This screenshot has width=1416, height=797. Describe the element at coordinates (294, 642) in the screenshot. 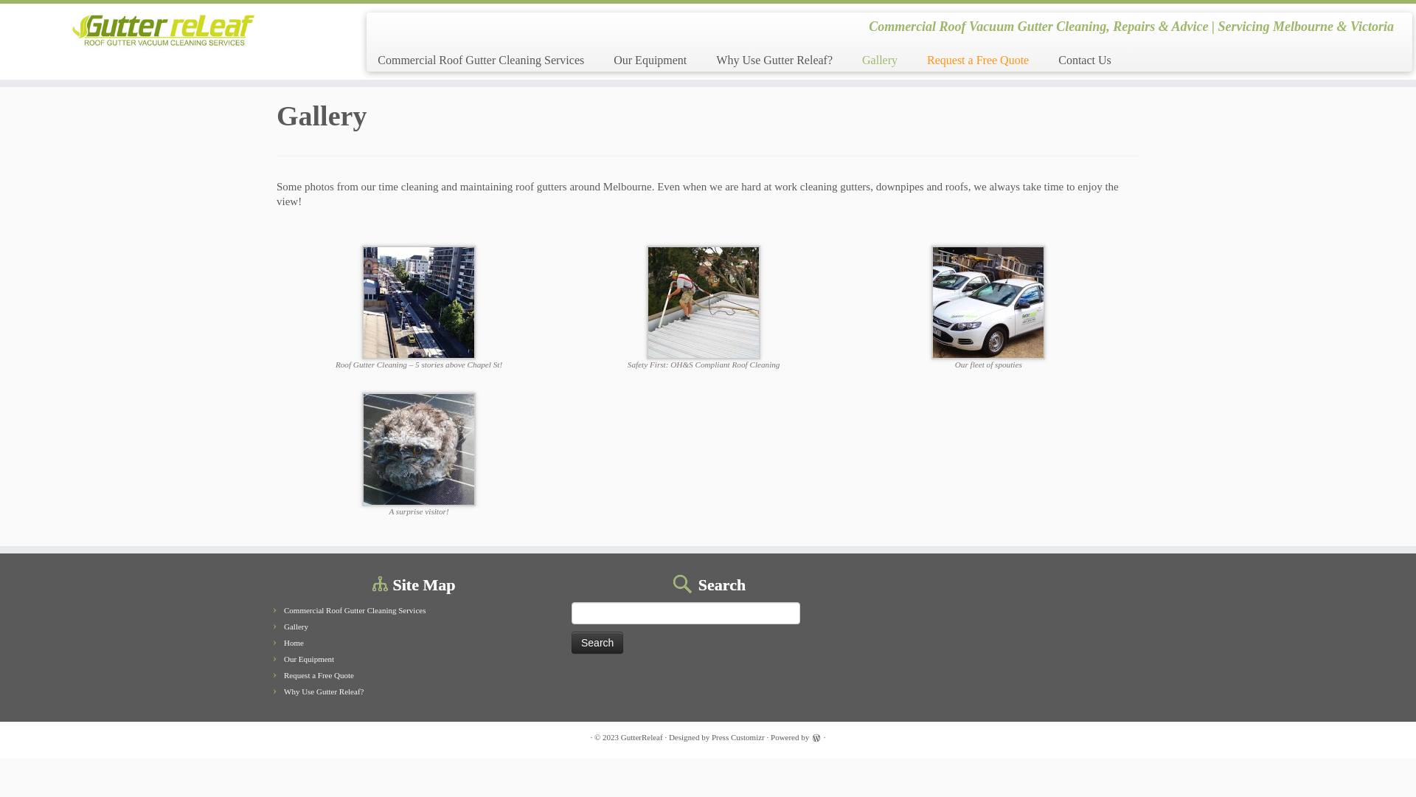

I see `'Home'` at that location.